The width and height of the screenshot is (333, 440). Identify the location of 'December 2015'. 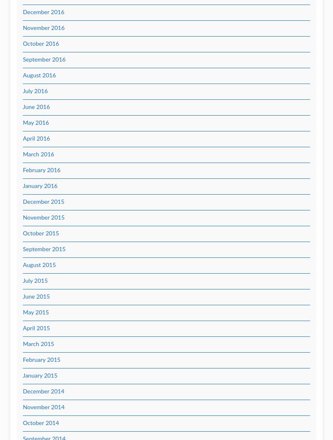
(43, 202).